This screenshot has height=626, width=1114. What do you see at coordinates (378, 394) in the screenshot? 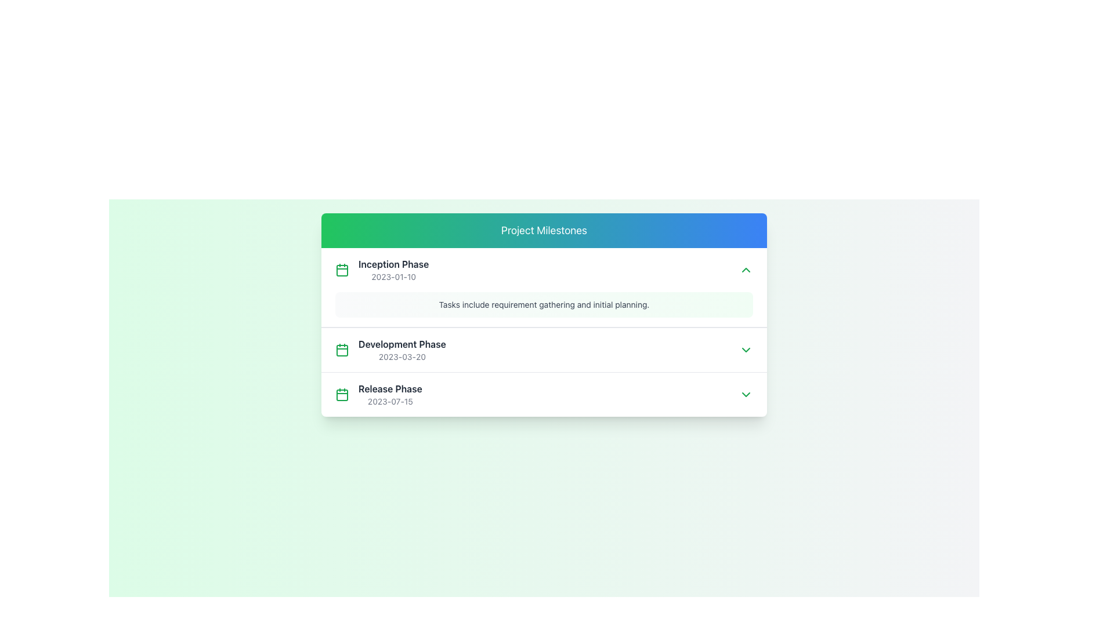
I see `the 'Release Phase' milestone label with a green calendar icon, which is the third item in the vertical list of milestones under the 'Project Milestones' header` at bounding box center [378, 394].